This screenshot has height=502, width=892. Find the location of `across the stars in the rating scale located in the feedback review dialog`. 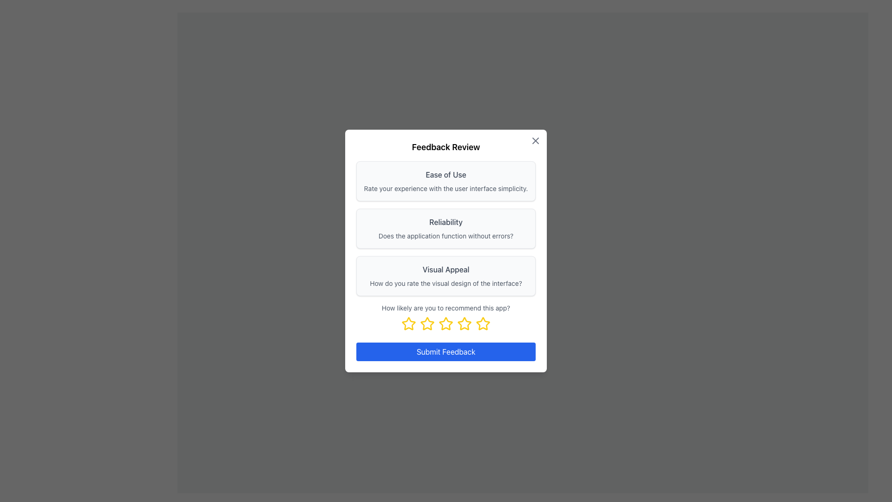

across the stars in the rating scale located in the feedback review dialog is located at coordinates (446, 317).